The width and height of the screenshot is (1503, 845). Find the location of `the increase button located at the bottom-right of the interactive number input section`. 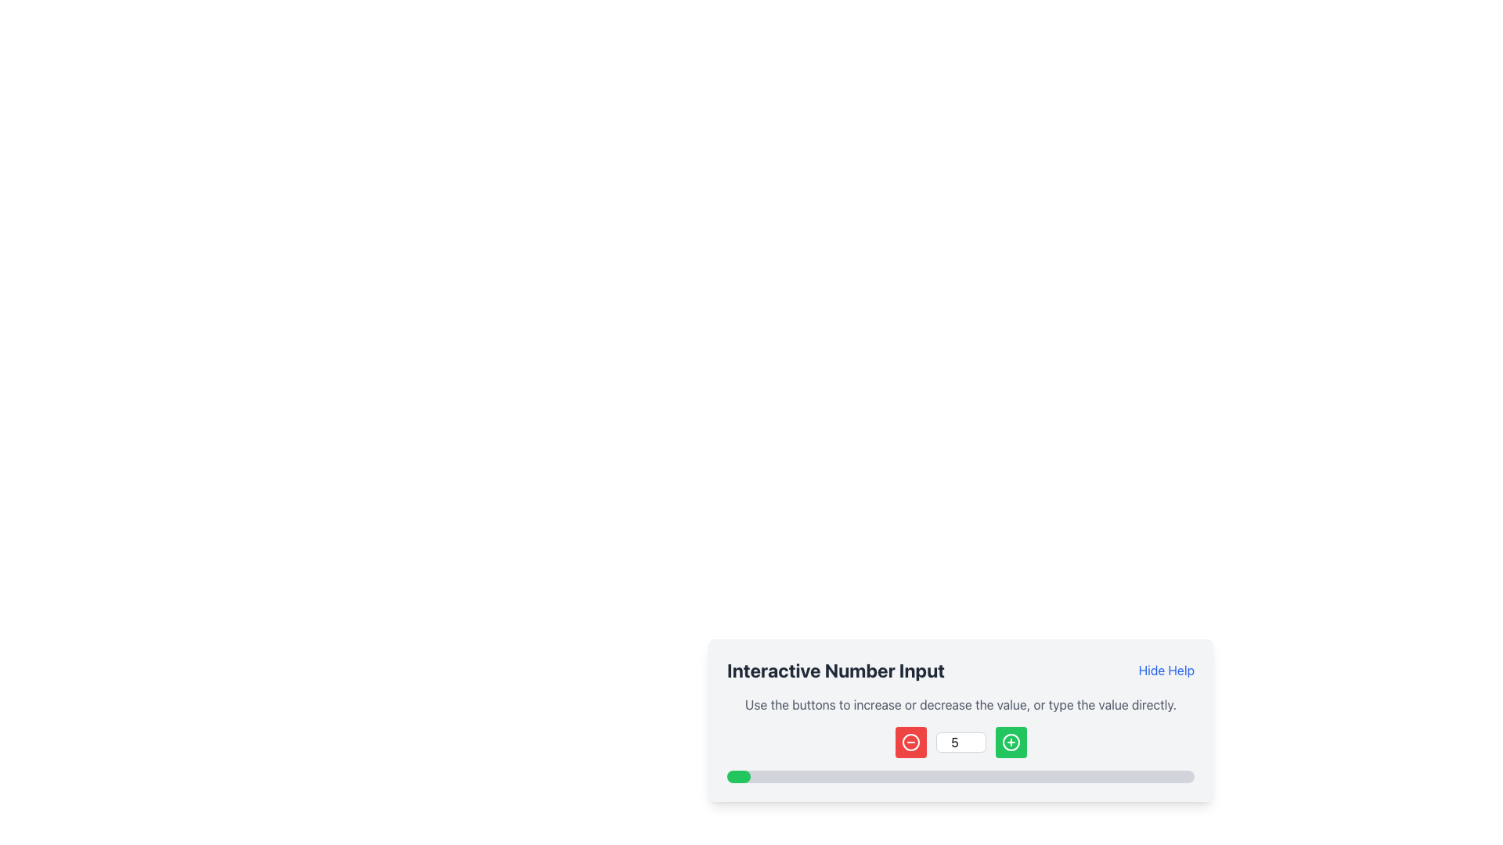

the increase button located at the bottom-right of the interactive number input section is located at coordinates (1011, 741).